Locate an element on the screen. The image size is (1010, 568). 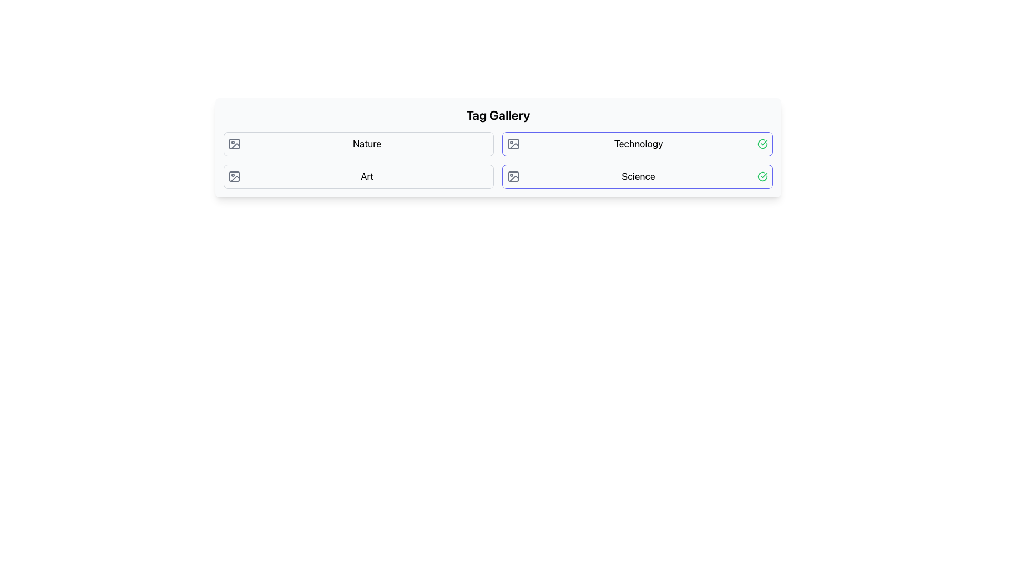
the Decorative icon, which is an SVG icon resembling an image symbol, located to the left of the word 'Science' and adjacent to the right side of the bordered rectangle defining the tag boundaries is located at coordinates (513, 176).